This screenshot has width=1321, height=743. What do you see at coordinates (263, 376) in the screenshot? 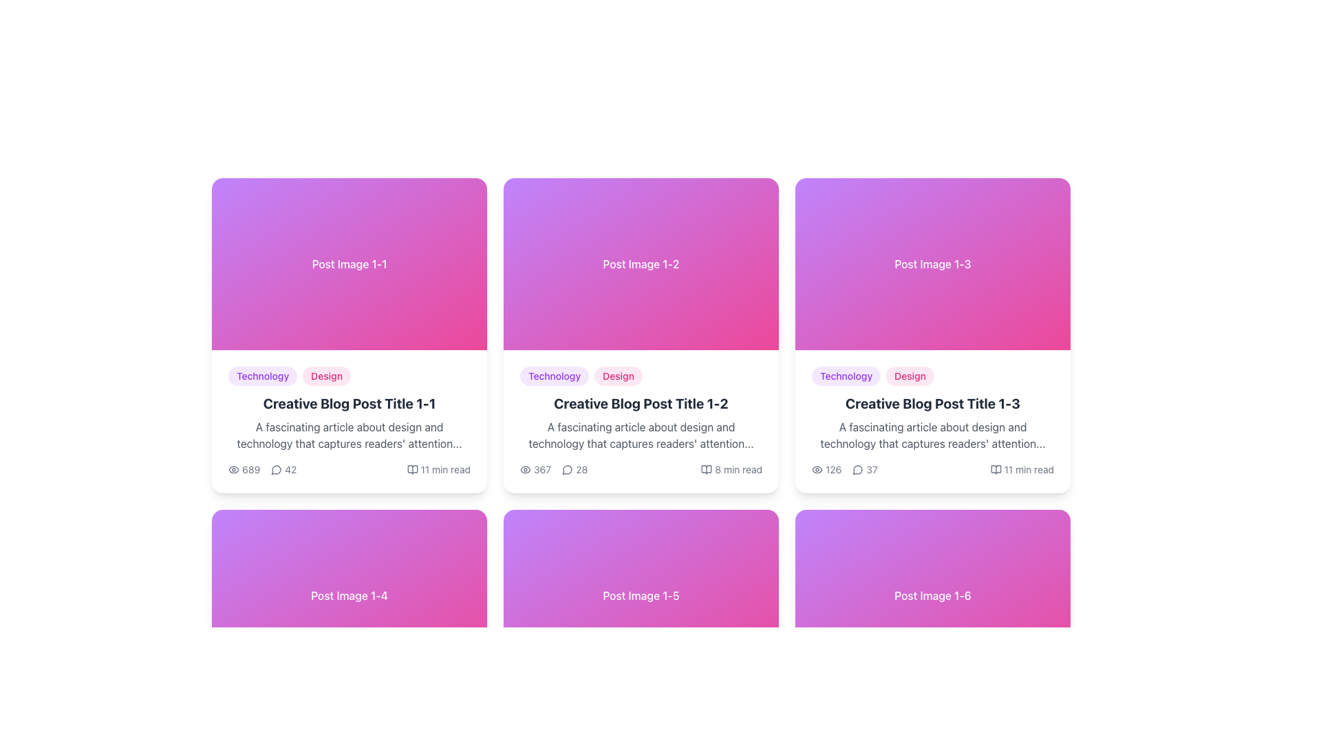
I see `text of the pill-shaped badge with a lavender background and purple text labeled 'Technology', which is positioned above the title text of 'Creative Blog Post Title 1-1'` at bounding box center [263, 376].